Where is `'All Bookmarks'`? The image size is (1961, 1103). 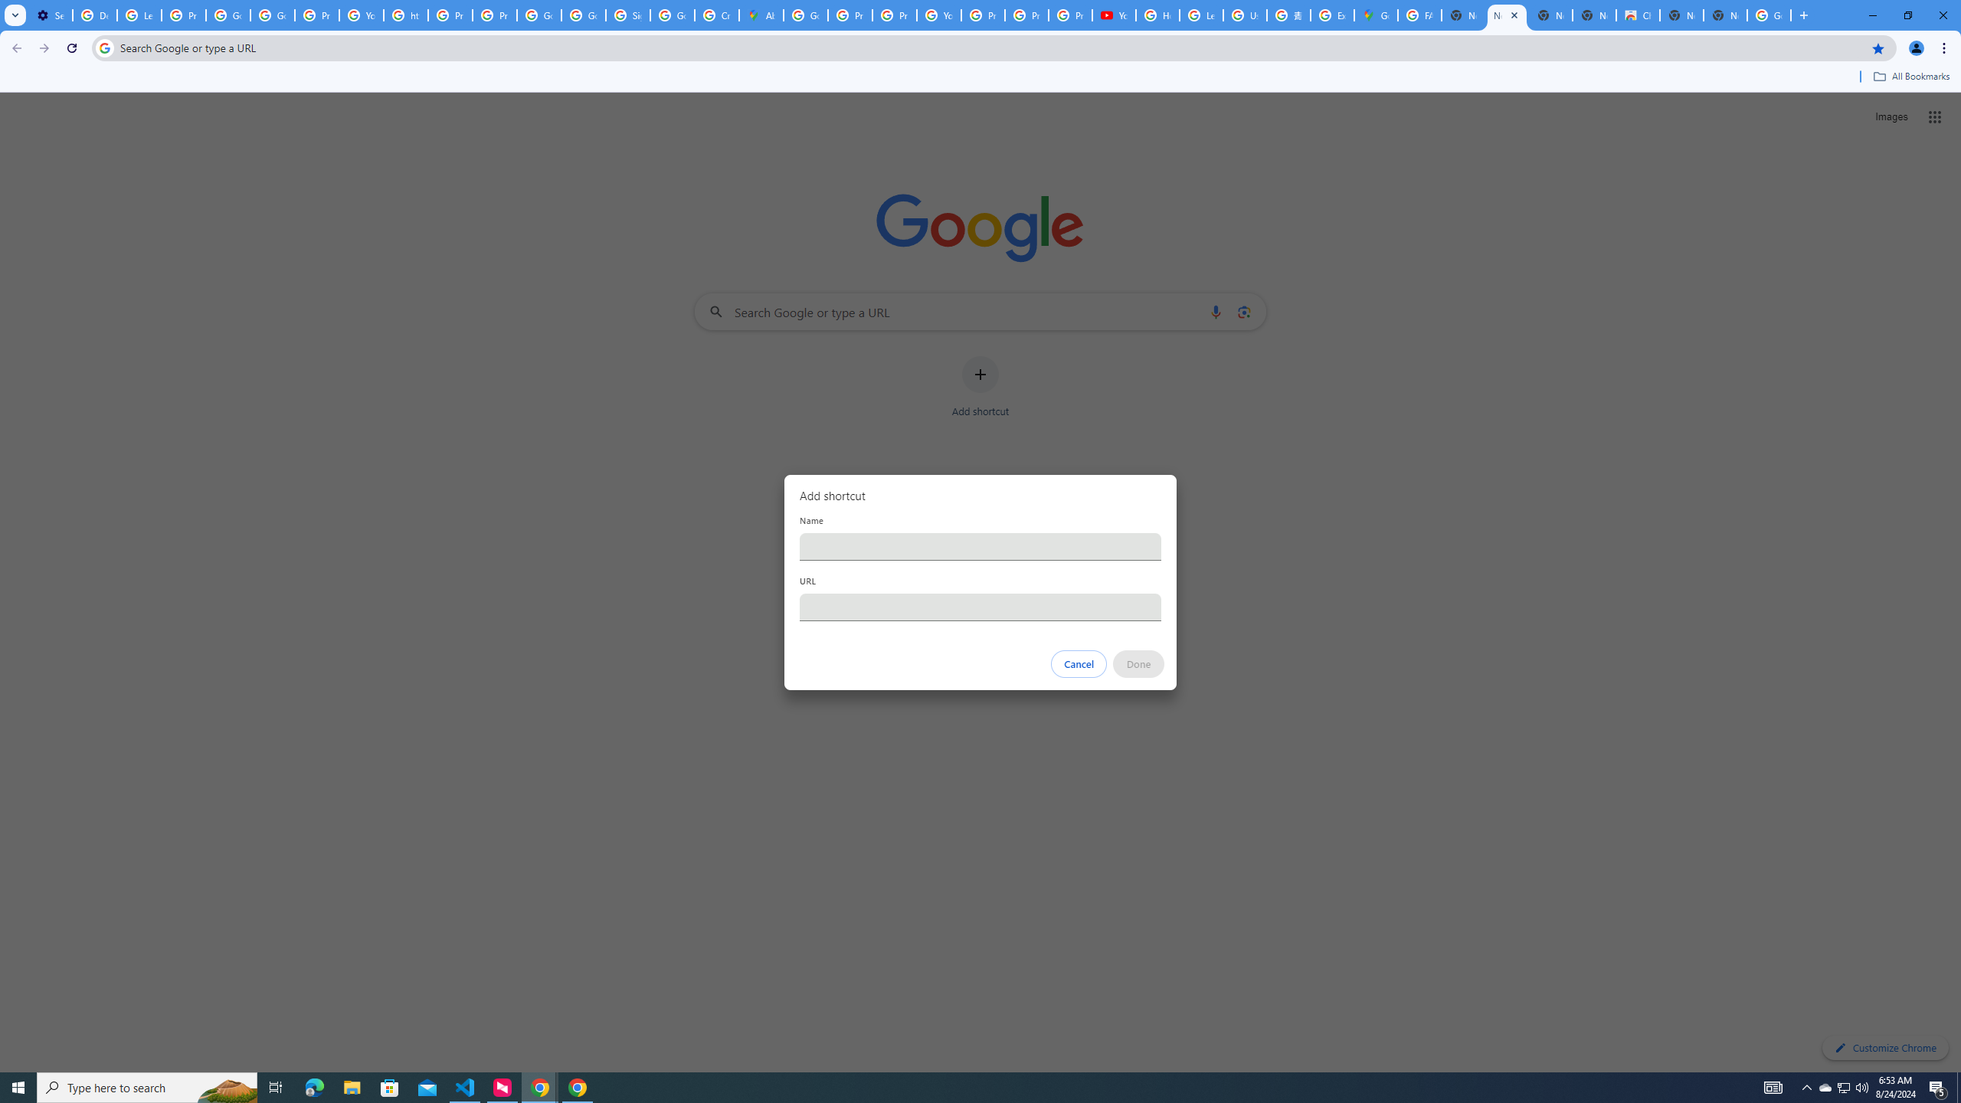
'All Bookmarks' is located at coordinates (1910, 76).